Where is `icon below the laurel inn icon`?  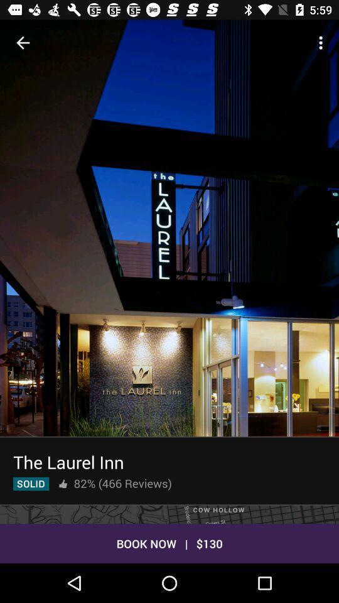
icon below the laurel inn icon is located at coordinates (31, 483).